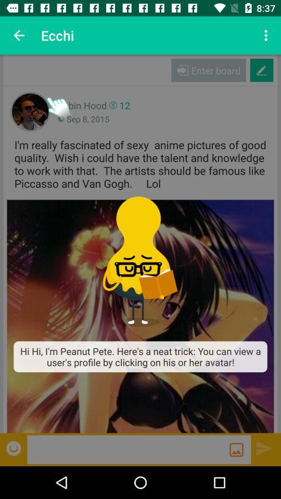 This screenshot has width=281, height=499. Describe the element at coordinates (264, 448) in the screenshot. I see `send` at that location.